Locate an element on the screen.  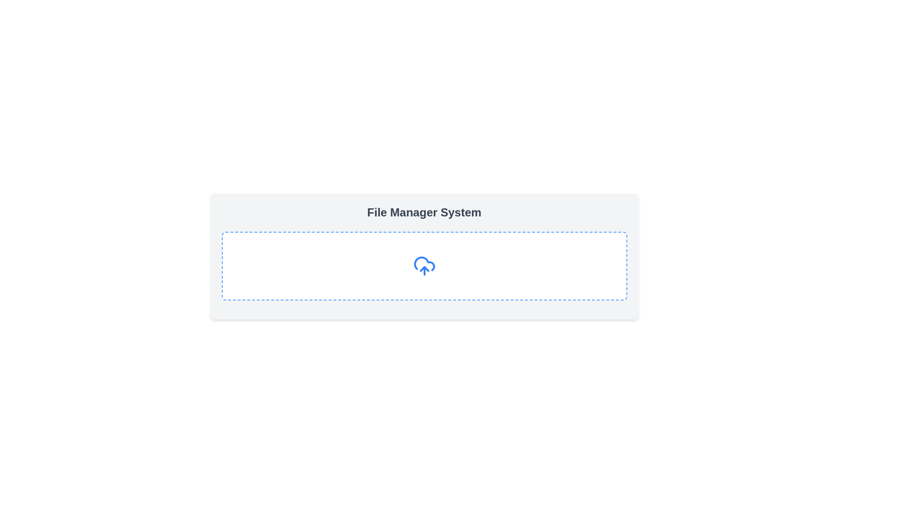
the blue cloud icon with an upward arrow, which symbolizes an upload action, located in the center of the dashed rectangular area beneath the header 'File Manager System' is located at coordinates (424, 266).